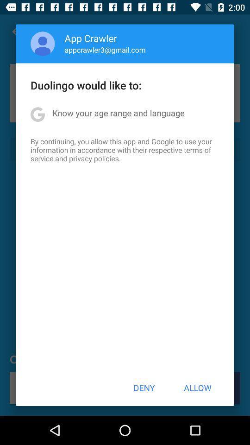  Describe the element at coordinates (119, 112) in the screenshot. I see `the item below duolingo would like app` at that location.